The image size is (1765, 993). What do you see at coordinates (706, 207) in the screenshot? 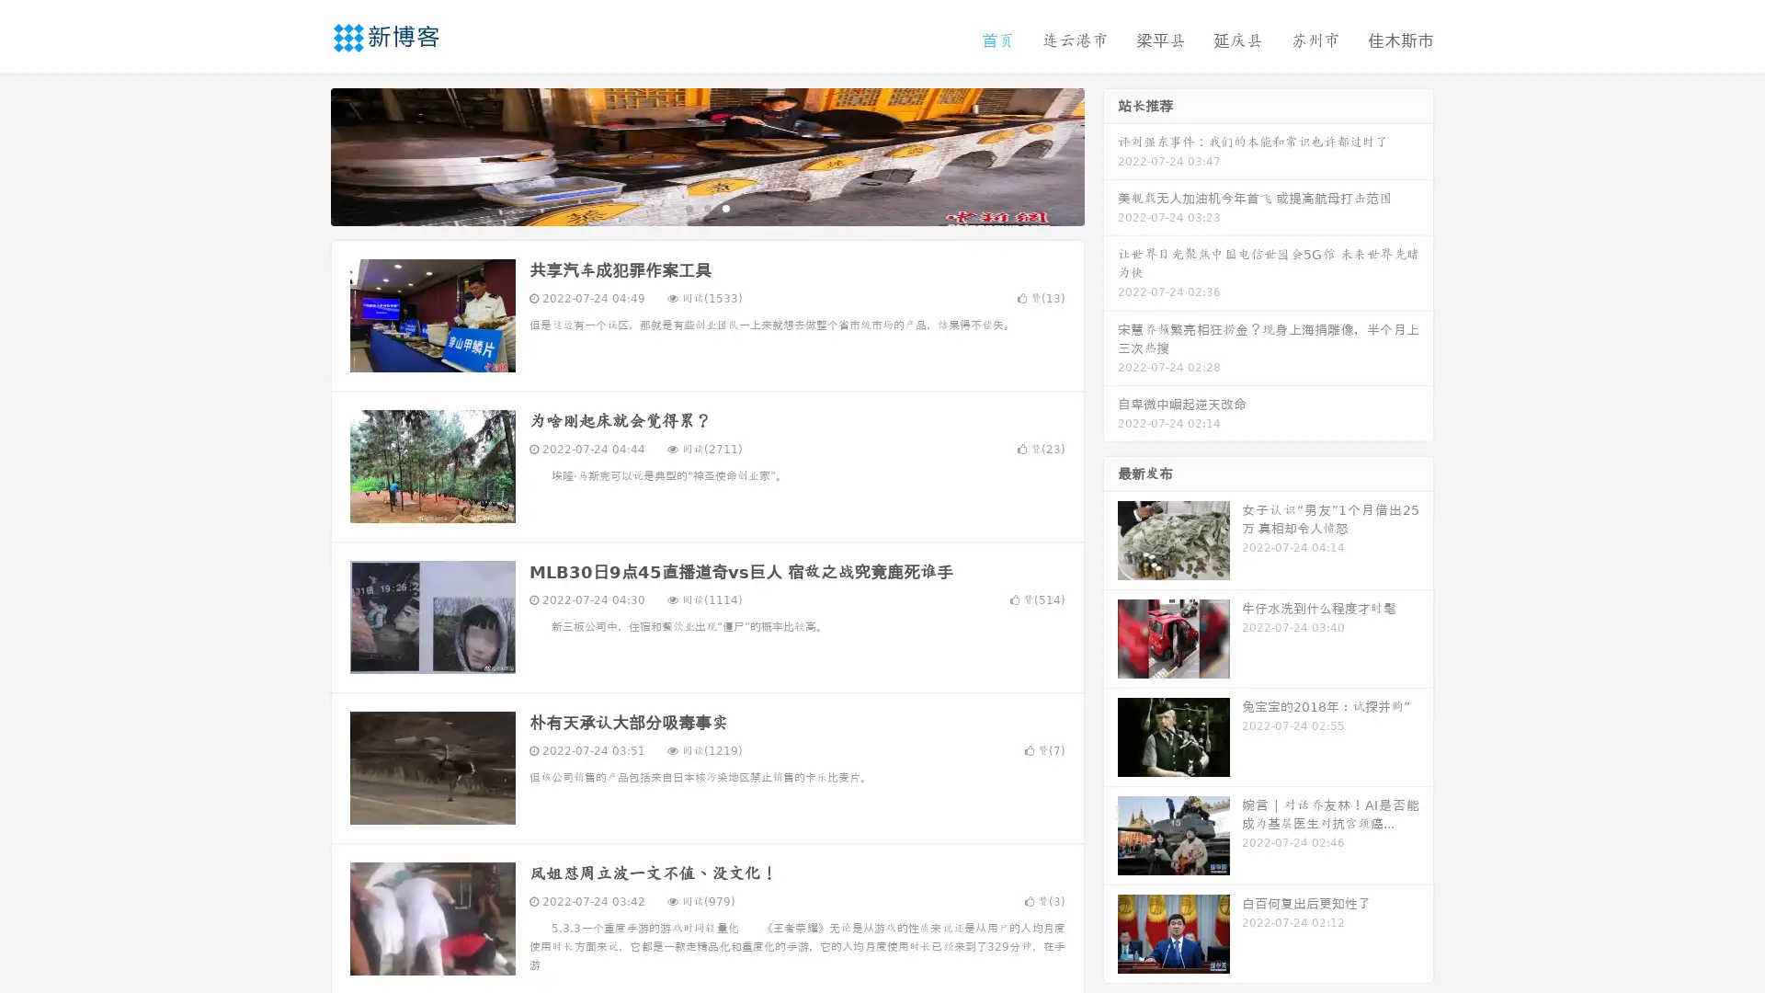
I see `Go to slide 2` at bounding box center [706, 207].